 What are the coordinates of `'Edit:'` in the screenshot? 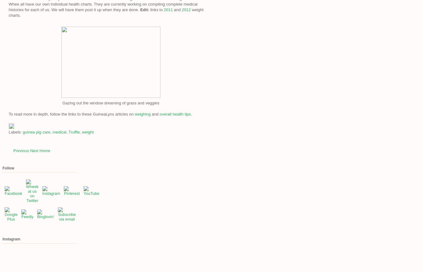 It's located at (144, 9).